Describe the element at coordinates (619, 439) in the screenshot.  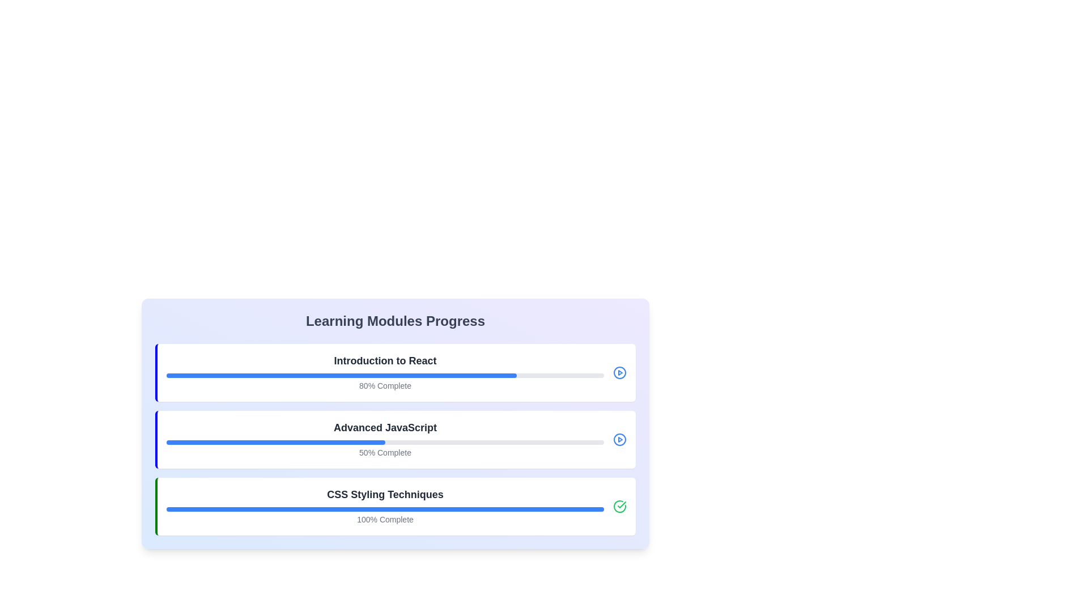
I see `the SVG circle element that defines the play button's graphical shape within the second progress bar of the 'Learning Modules Progress' section for 'Advanced JavaScript'` at that location.